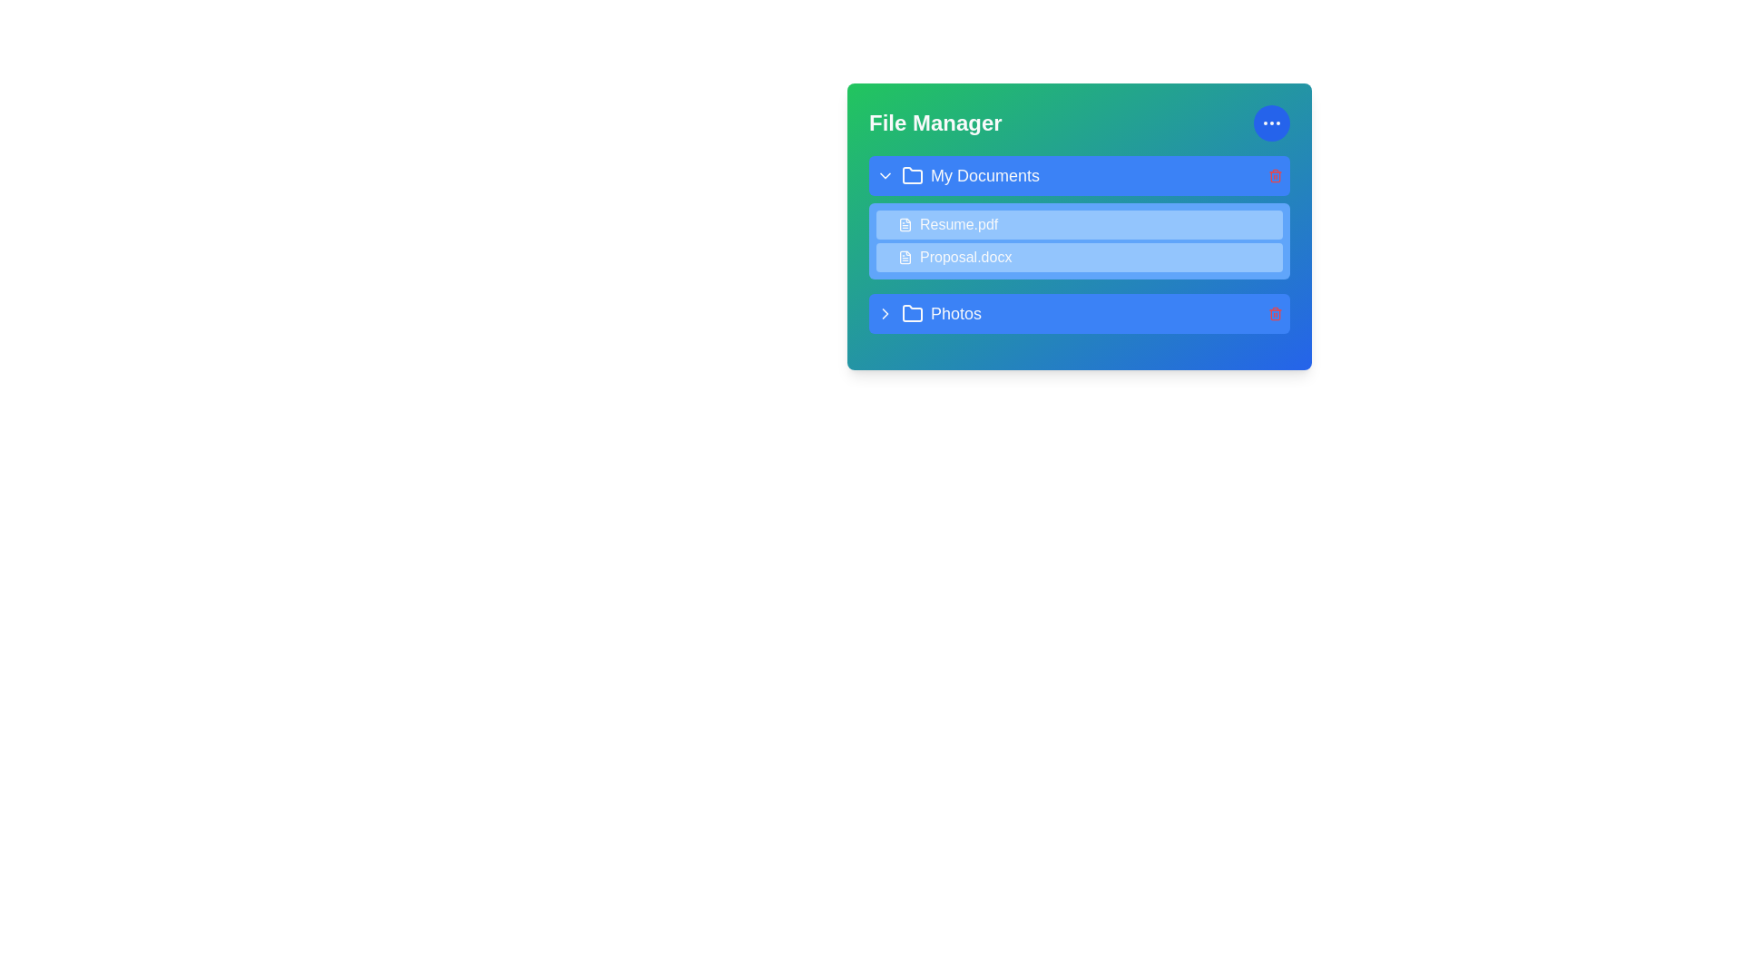 This screenshot has height=980, width=1742. Describe the element at coordinates (905, 223) in the screenshot. I see `the document icon located to the left of the 'Resume.pdf' text label` at that location.